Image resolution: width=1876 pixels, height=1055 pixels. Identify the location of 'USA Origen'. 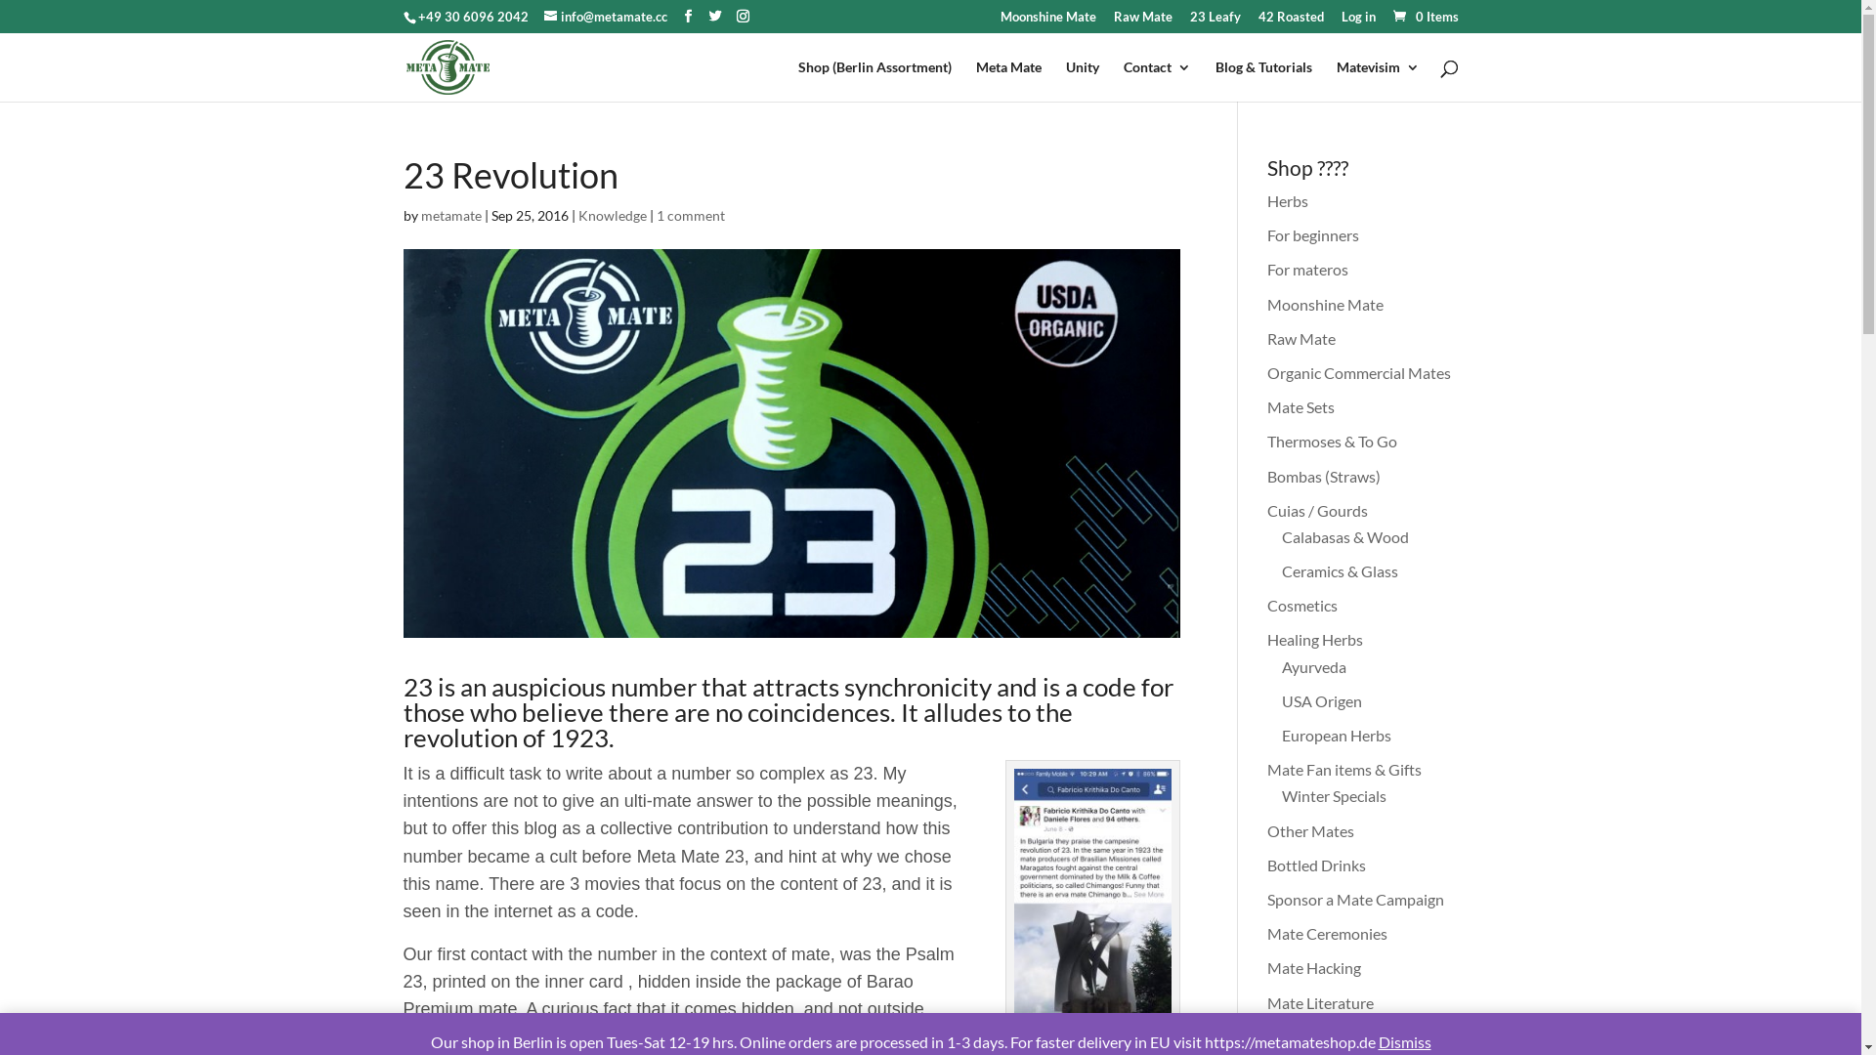
(1322, 699).